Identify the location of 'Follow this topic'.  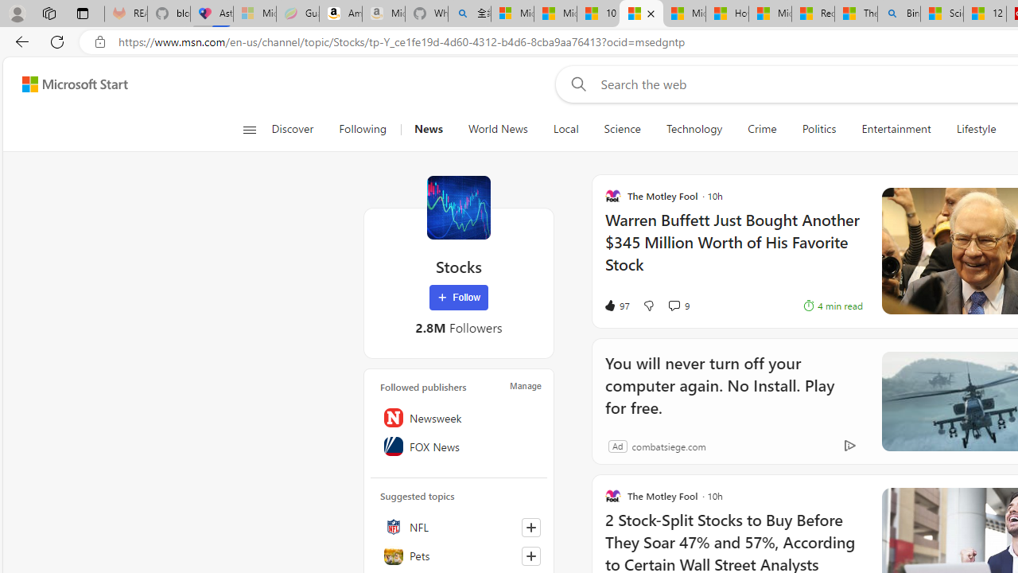
(531, 555).